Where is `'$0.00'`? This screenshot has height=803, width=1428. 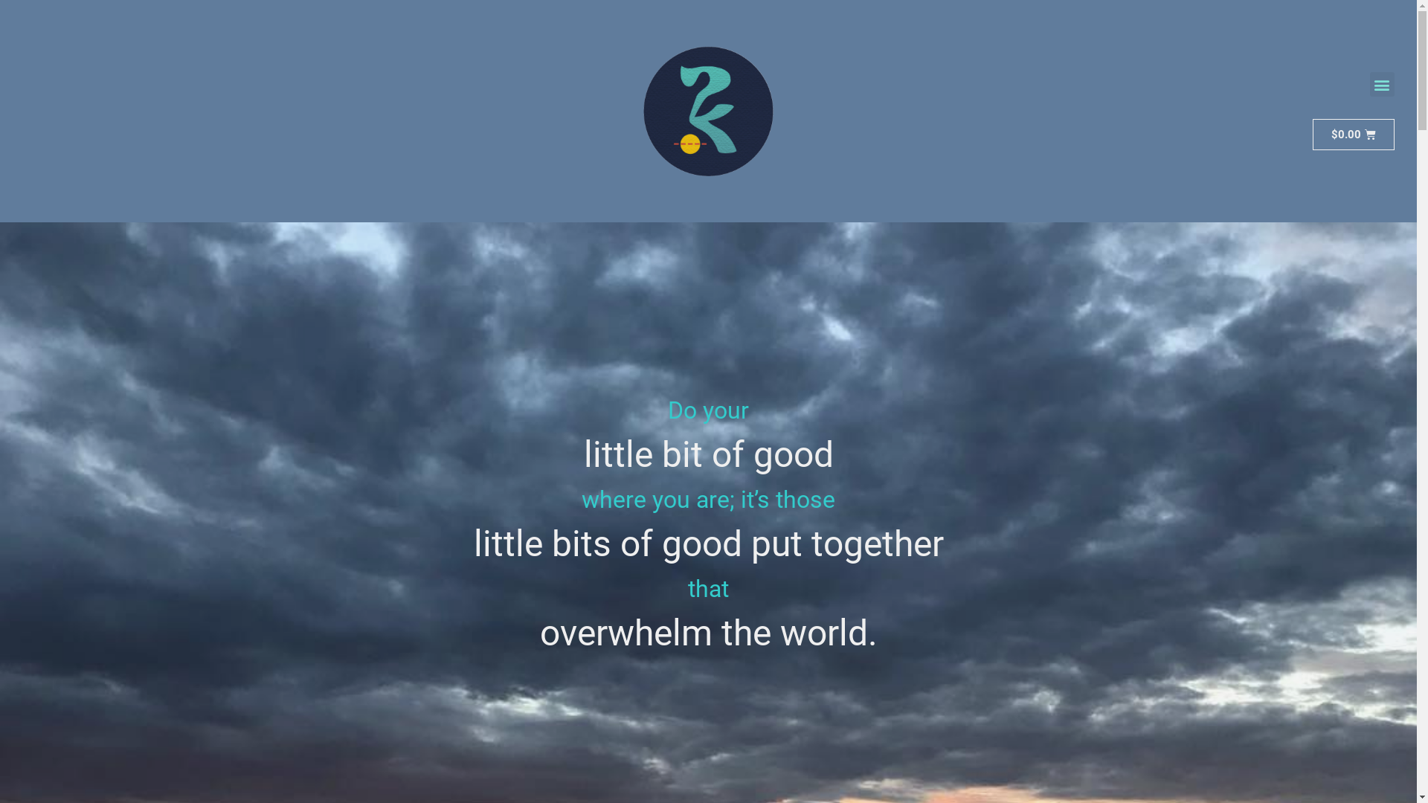 '$0.00' is located at coordinates (1313, 135).